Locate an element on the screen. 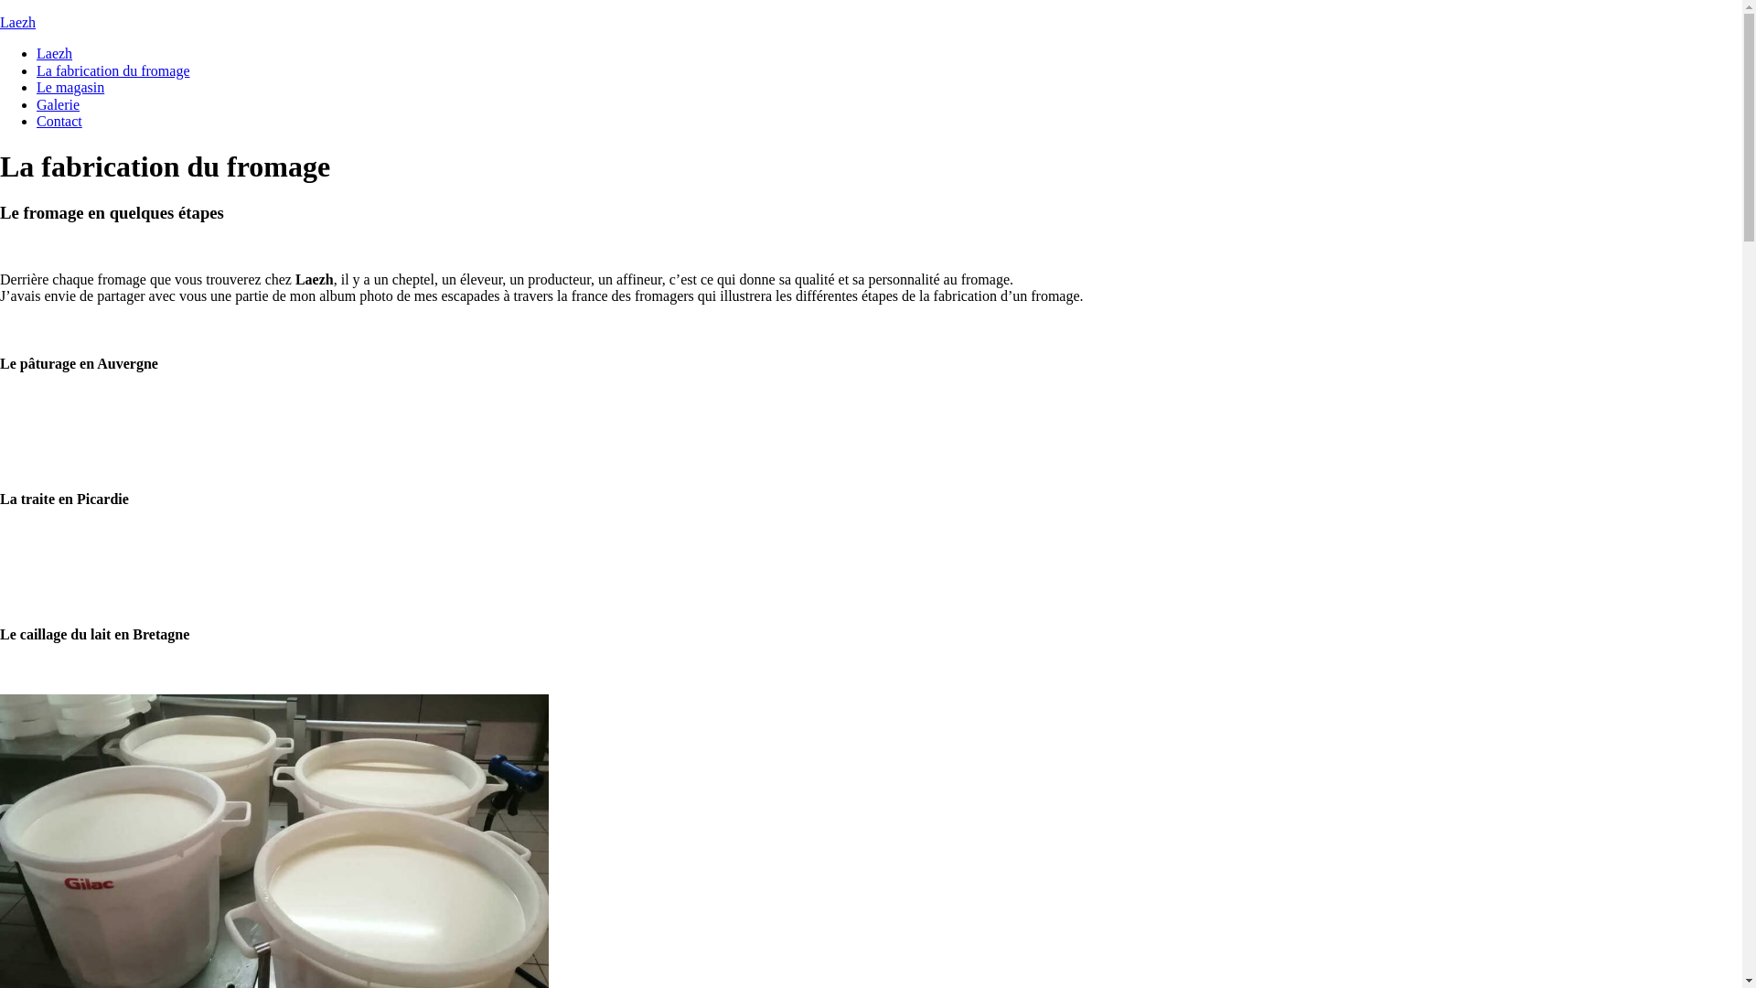 The height and width of the screenshot is (988, 1756). 'Laezh' is located at coordinates (54, 52).